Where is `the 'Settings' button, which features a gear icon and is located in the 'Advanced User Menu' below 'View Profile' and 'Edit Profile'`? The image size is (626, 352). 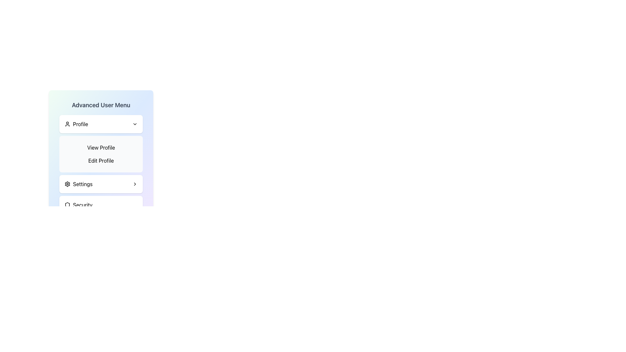
the 'Settings' button, which features a gear icon and is located in the 'Advanced User Menu' below 'View Profile' and 'Edit Profile' is located at coordinates (78, 184).